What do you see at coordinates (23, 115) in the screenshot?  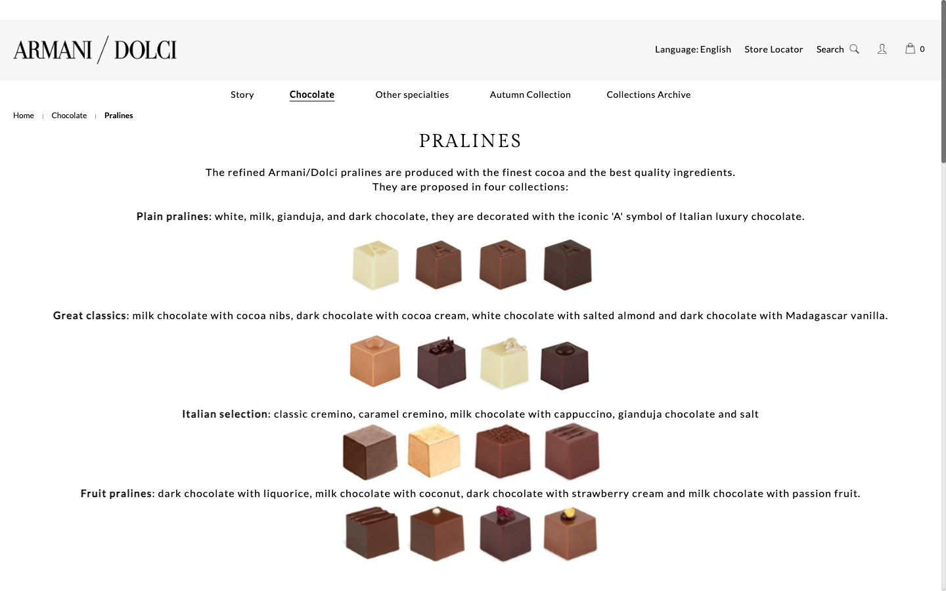 I see `the "Home" option present below the logo on the left to reach the Armani/dolci main page` at bounding box center [23, 115].